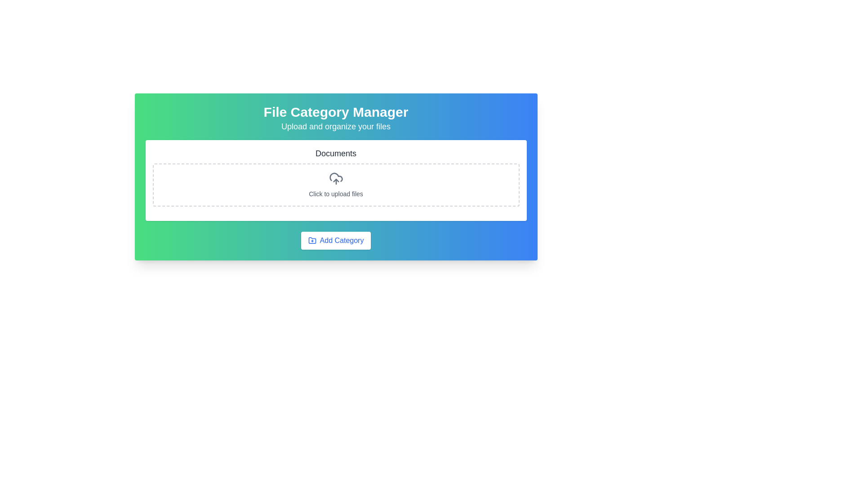 The height and width of the screenshot is (485, 863). What do you see at coordinates (335, 126) in the screenshot?
I see `the textual component displaying 'Upload and organize your files', which is positioned below the heading 'File Category Manager'` at bounding box center [335, 126].